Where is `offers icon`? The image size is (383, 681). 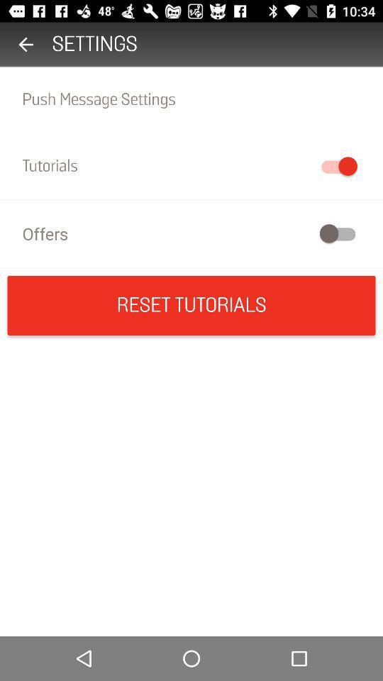 offers icon is located at coordinates (191, 233).